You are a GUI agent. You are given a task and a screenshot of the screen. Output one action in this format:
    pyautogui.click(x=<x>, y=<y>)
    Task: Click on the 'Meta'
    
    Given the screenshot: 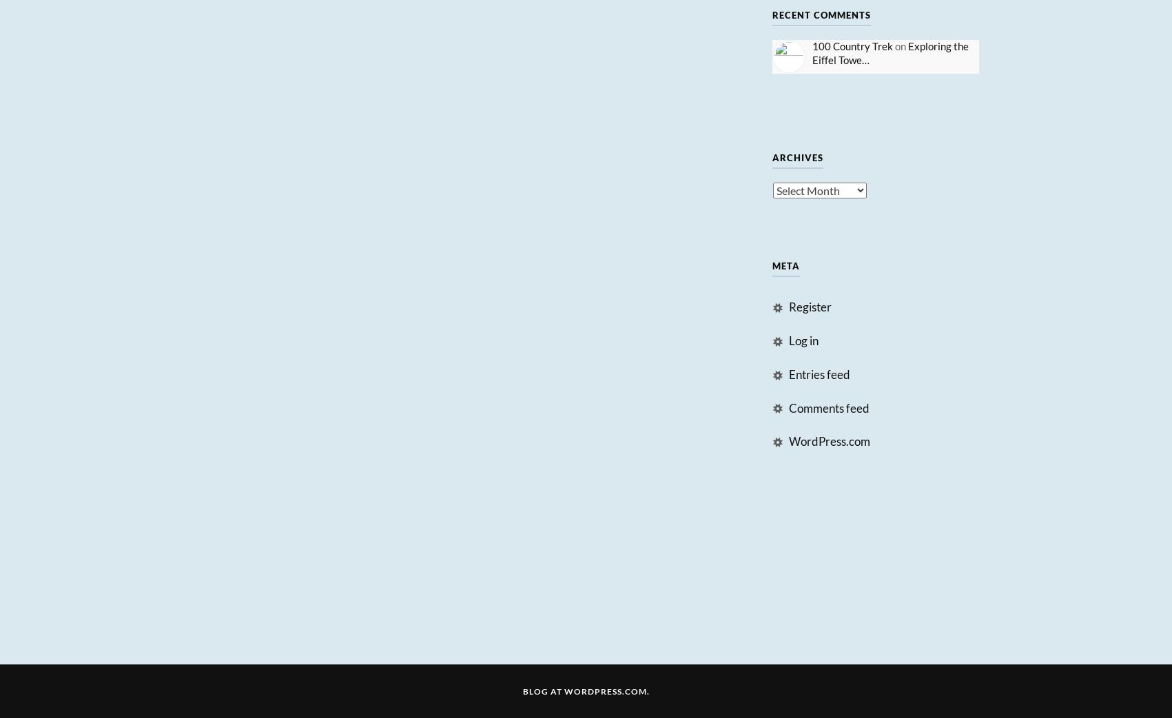 What is the action you would take?
    pyautogui.click(x=770, y=265)
    